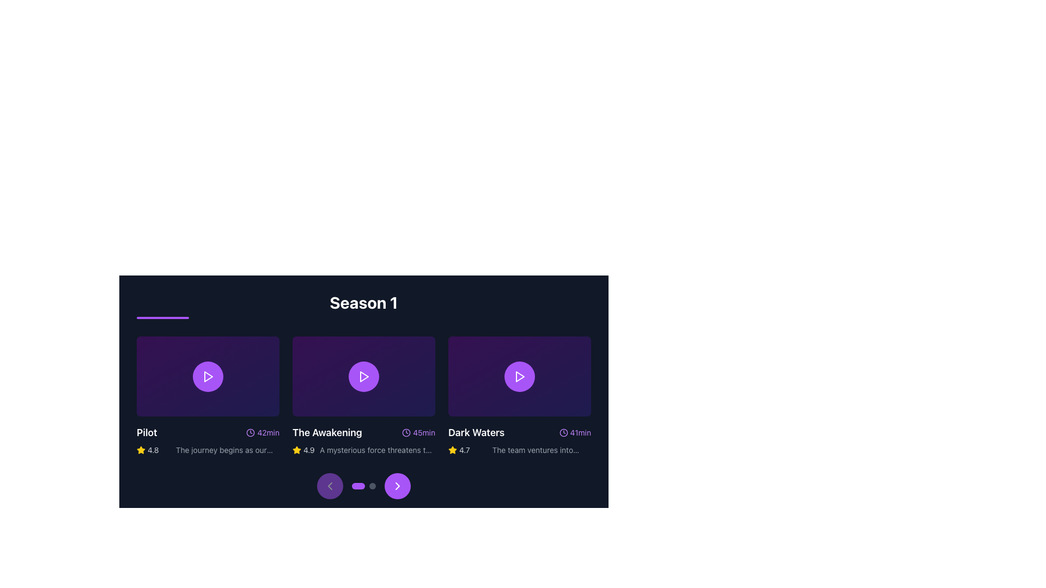 This screenshot has width=1046, height=588. I want to click on the circular button with a purple background and a left-pointing chevron arrow icon, so click(329, 486).